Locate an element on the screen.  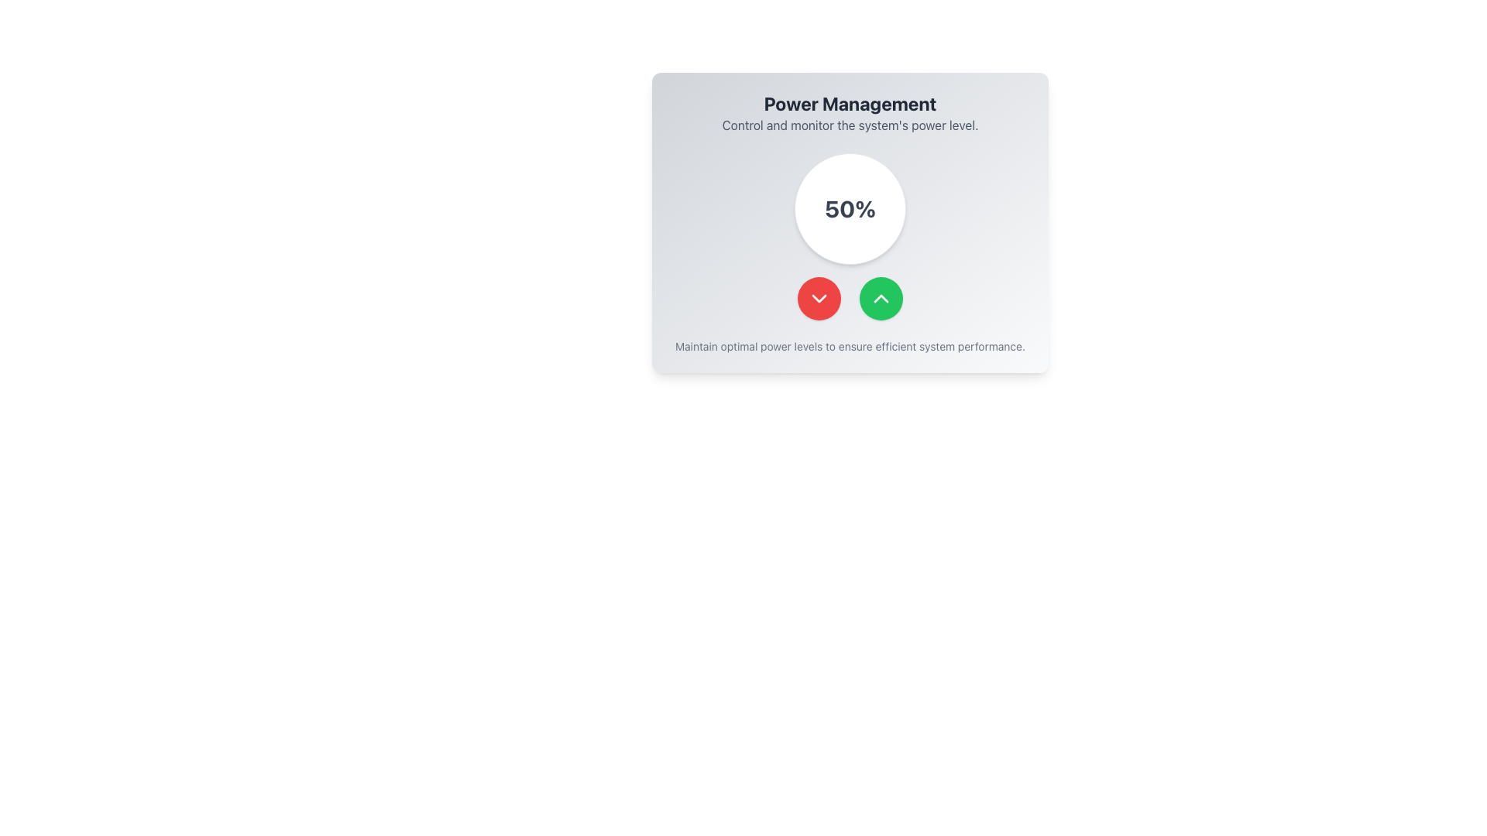
the downward-facing chevron arrow icon, which is styled with two intersecting lines in a circular red background is located at coordinates (818, 298).